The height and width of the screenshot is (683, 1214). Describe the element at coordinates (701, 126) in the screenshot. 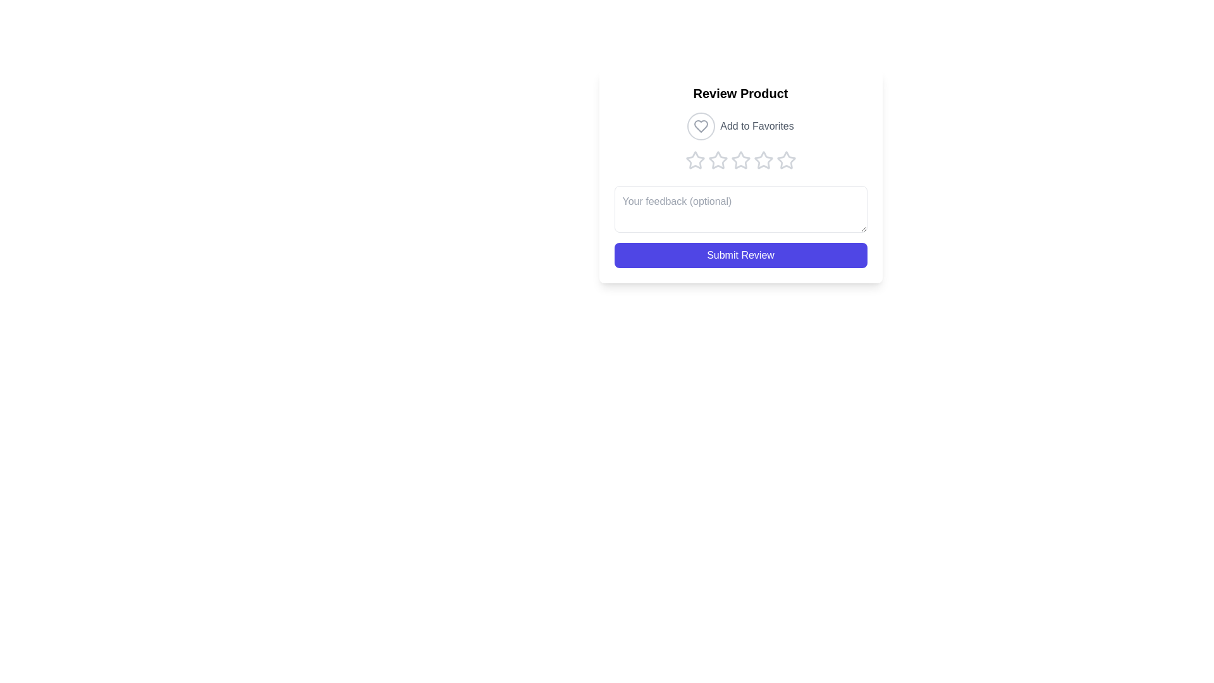

I see `the heart-shaped icon representing the 'Add` at that location.